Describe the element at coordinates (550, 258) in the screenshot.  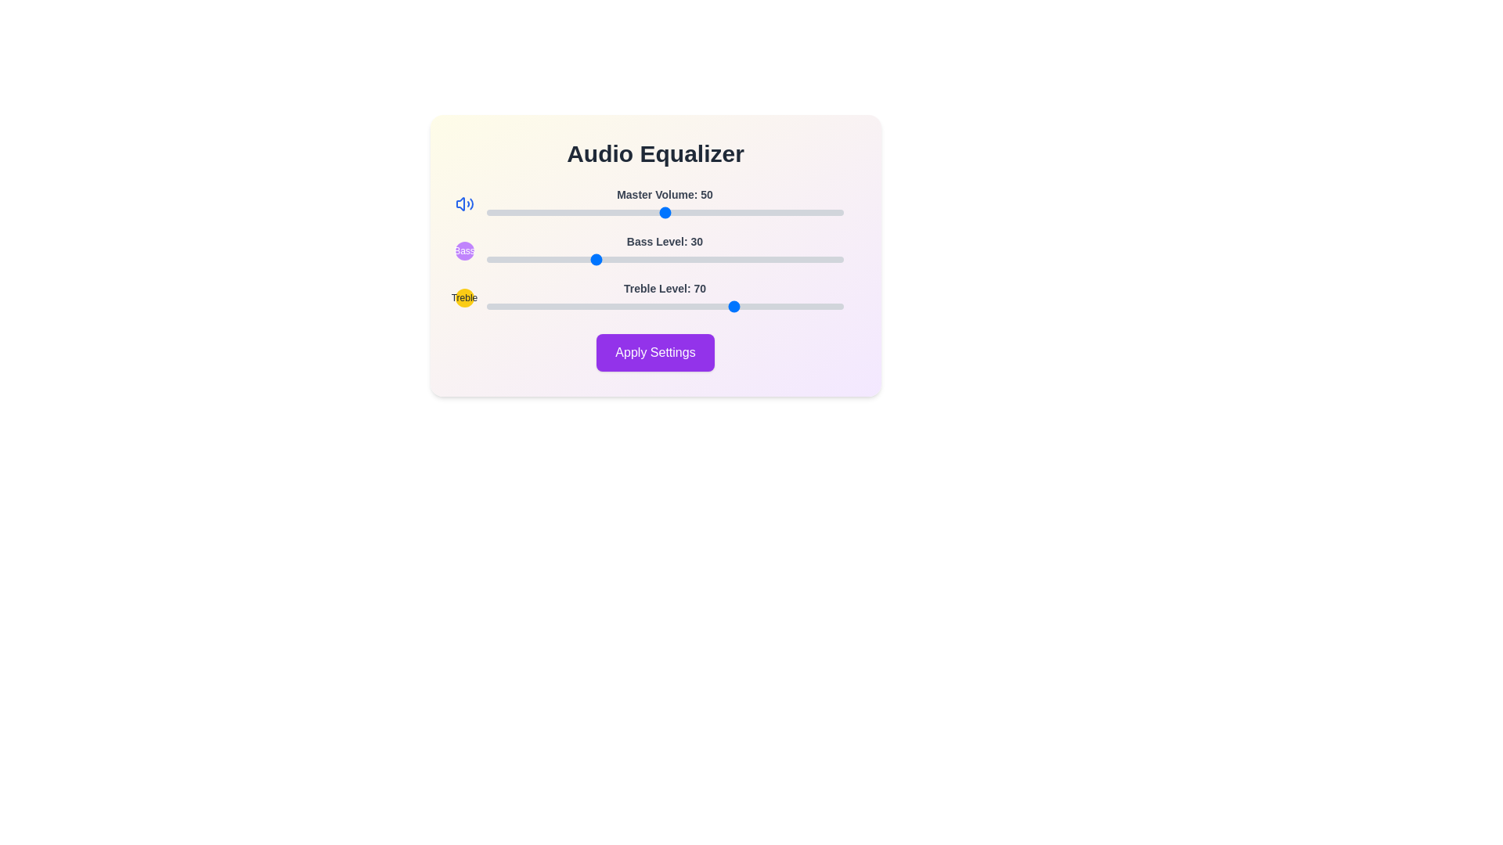
I see `bass level` at that location.